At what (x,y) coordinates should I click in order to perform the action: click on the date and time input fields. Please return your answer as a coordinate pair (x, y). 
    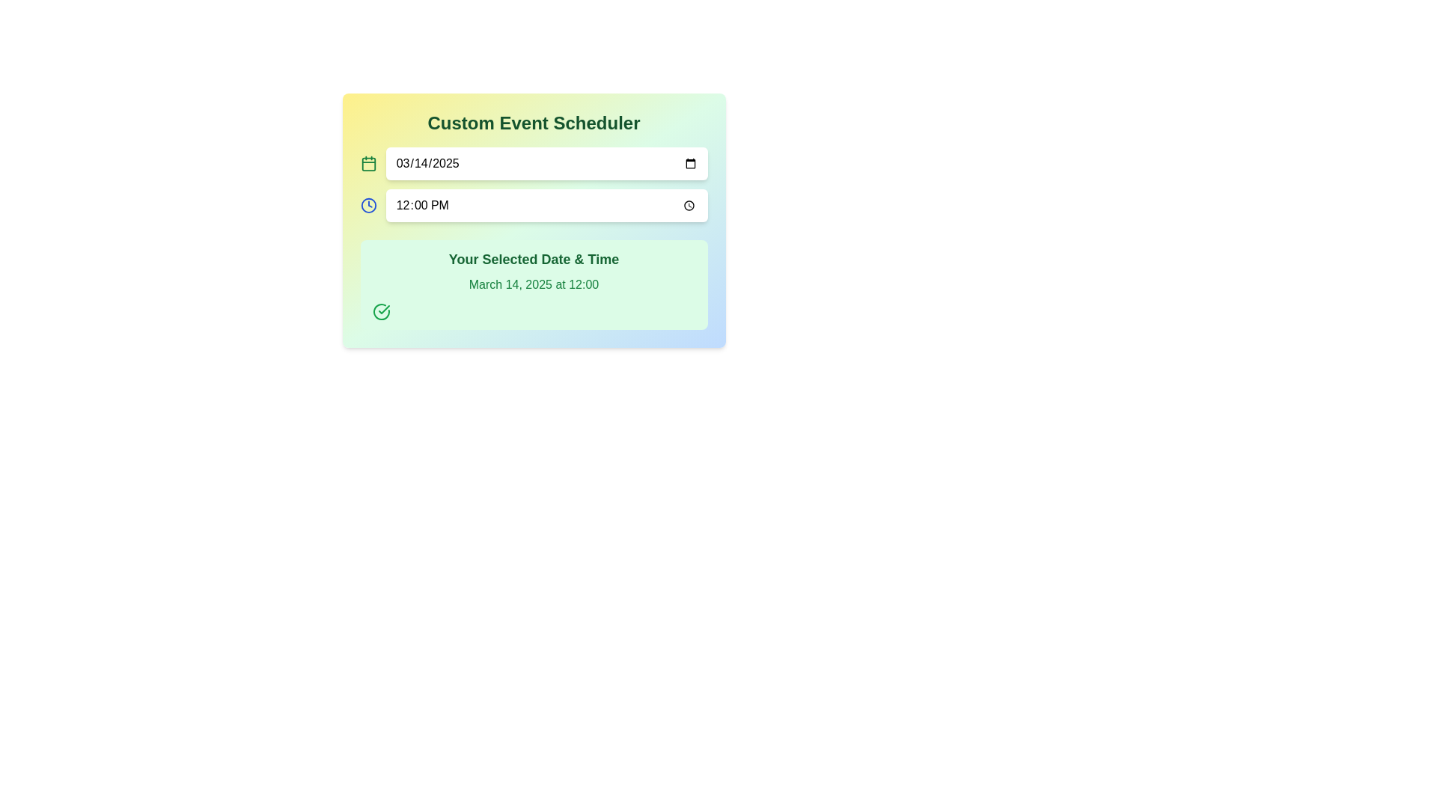
    Looking at the image, I should click on (534, 220).